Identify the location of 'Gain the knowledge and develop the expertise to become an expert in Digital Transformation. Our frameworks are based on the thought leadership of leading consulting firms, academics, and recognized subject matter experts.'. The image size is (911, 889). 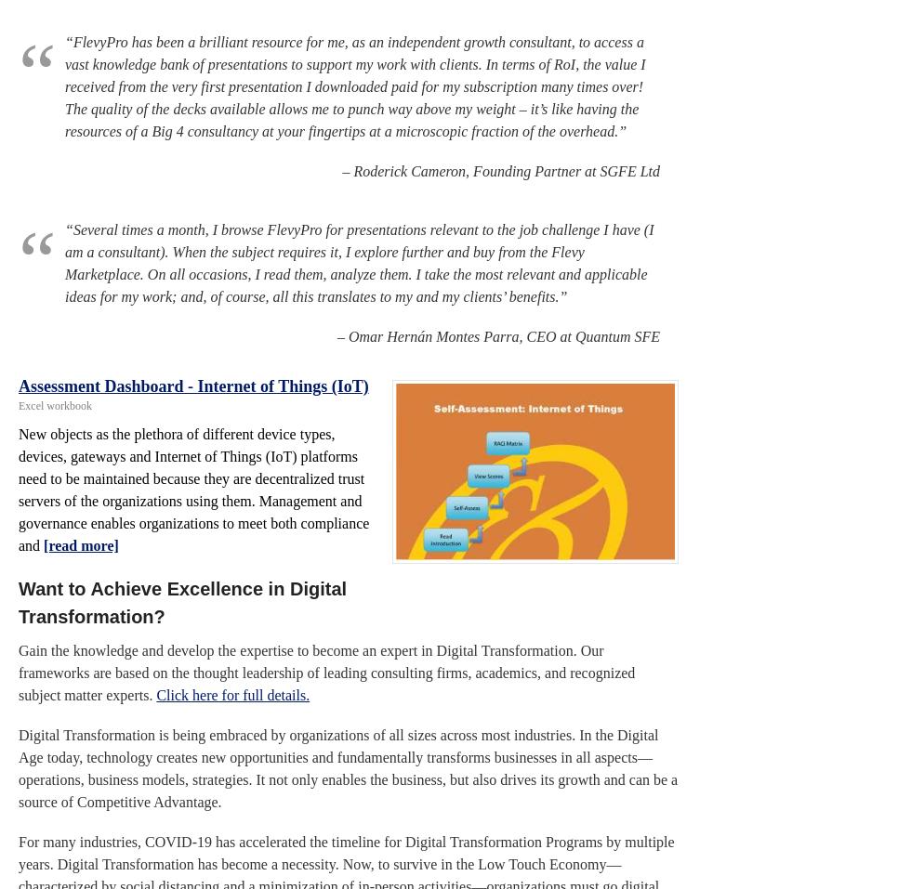
(18, 672).